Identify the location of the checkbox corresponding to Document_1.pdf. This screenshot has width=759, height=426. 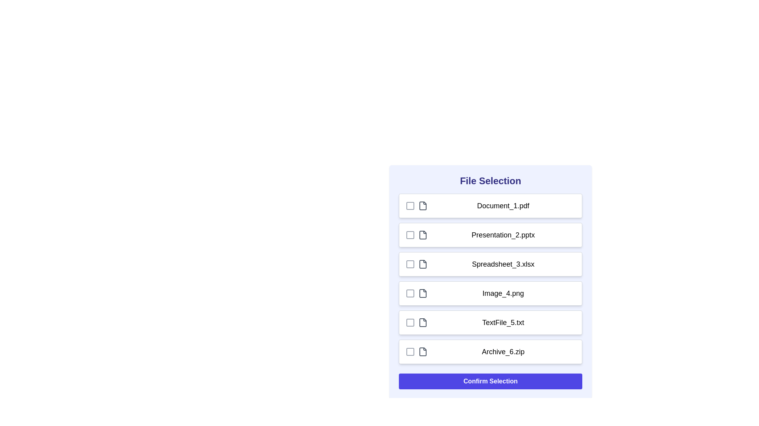
(410, 205).